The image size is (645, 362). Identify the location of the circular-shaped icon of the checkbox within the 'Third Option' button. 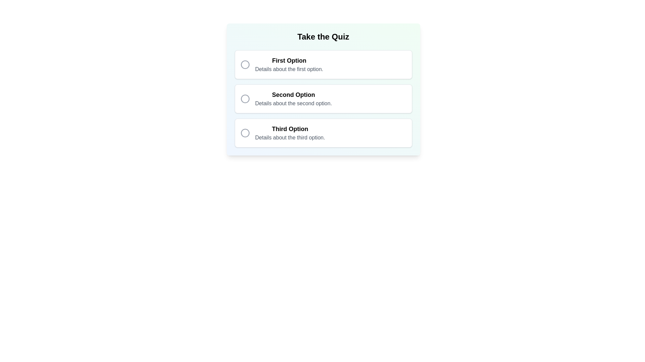
(245, 133).